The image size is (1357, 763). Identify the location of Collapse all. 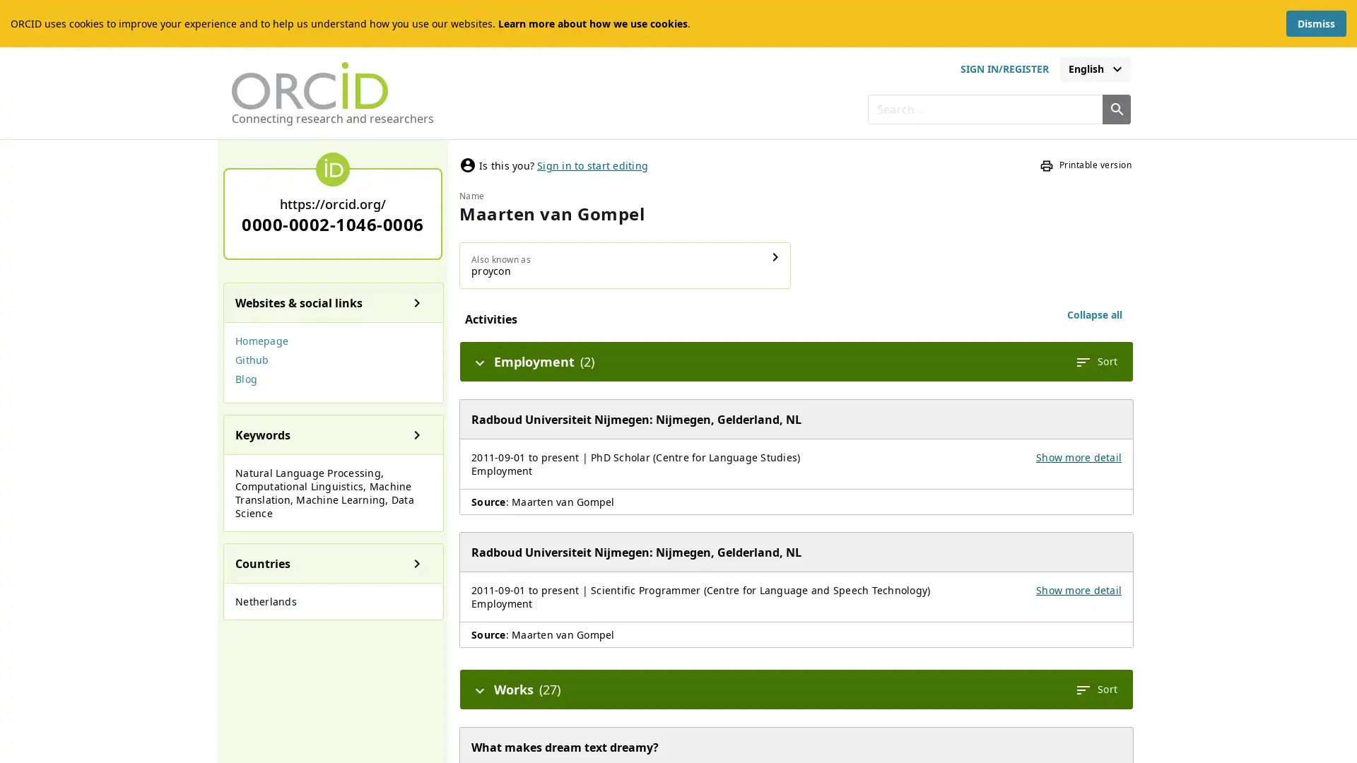
(1094, 314).